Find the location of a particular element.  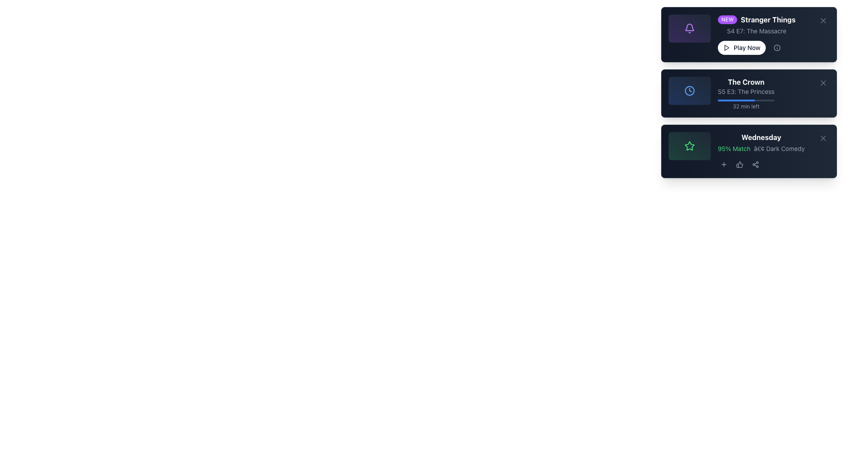

the grouped set of action buttons for the show 'Wednesday' located in the bottom-right section of the card is located at coordinates (760, 164).